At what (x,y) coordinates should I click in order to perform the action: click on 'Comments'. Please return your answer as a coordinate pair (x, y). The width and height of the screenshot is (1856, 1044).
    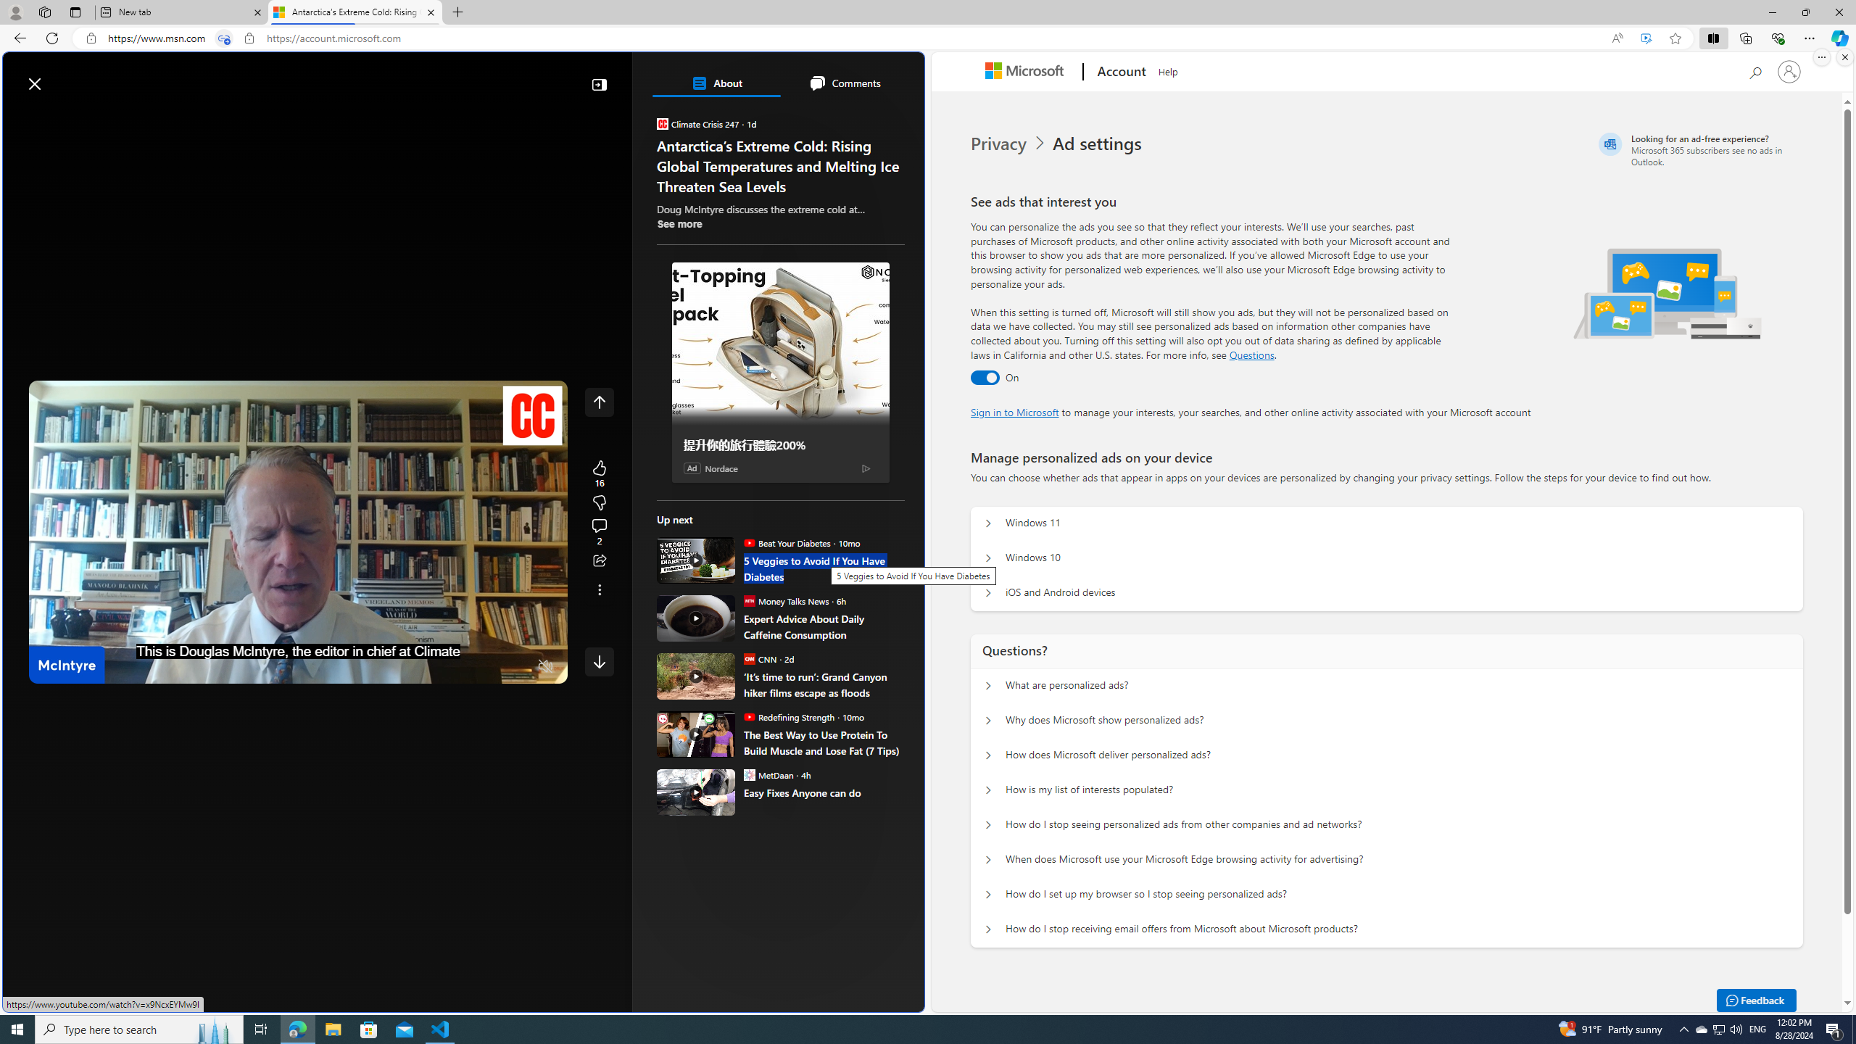
    Looking at the image, I should click on (843, 83).